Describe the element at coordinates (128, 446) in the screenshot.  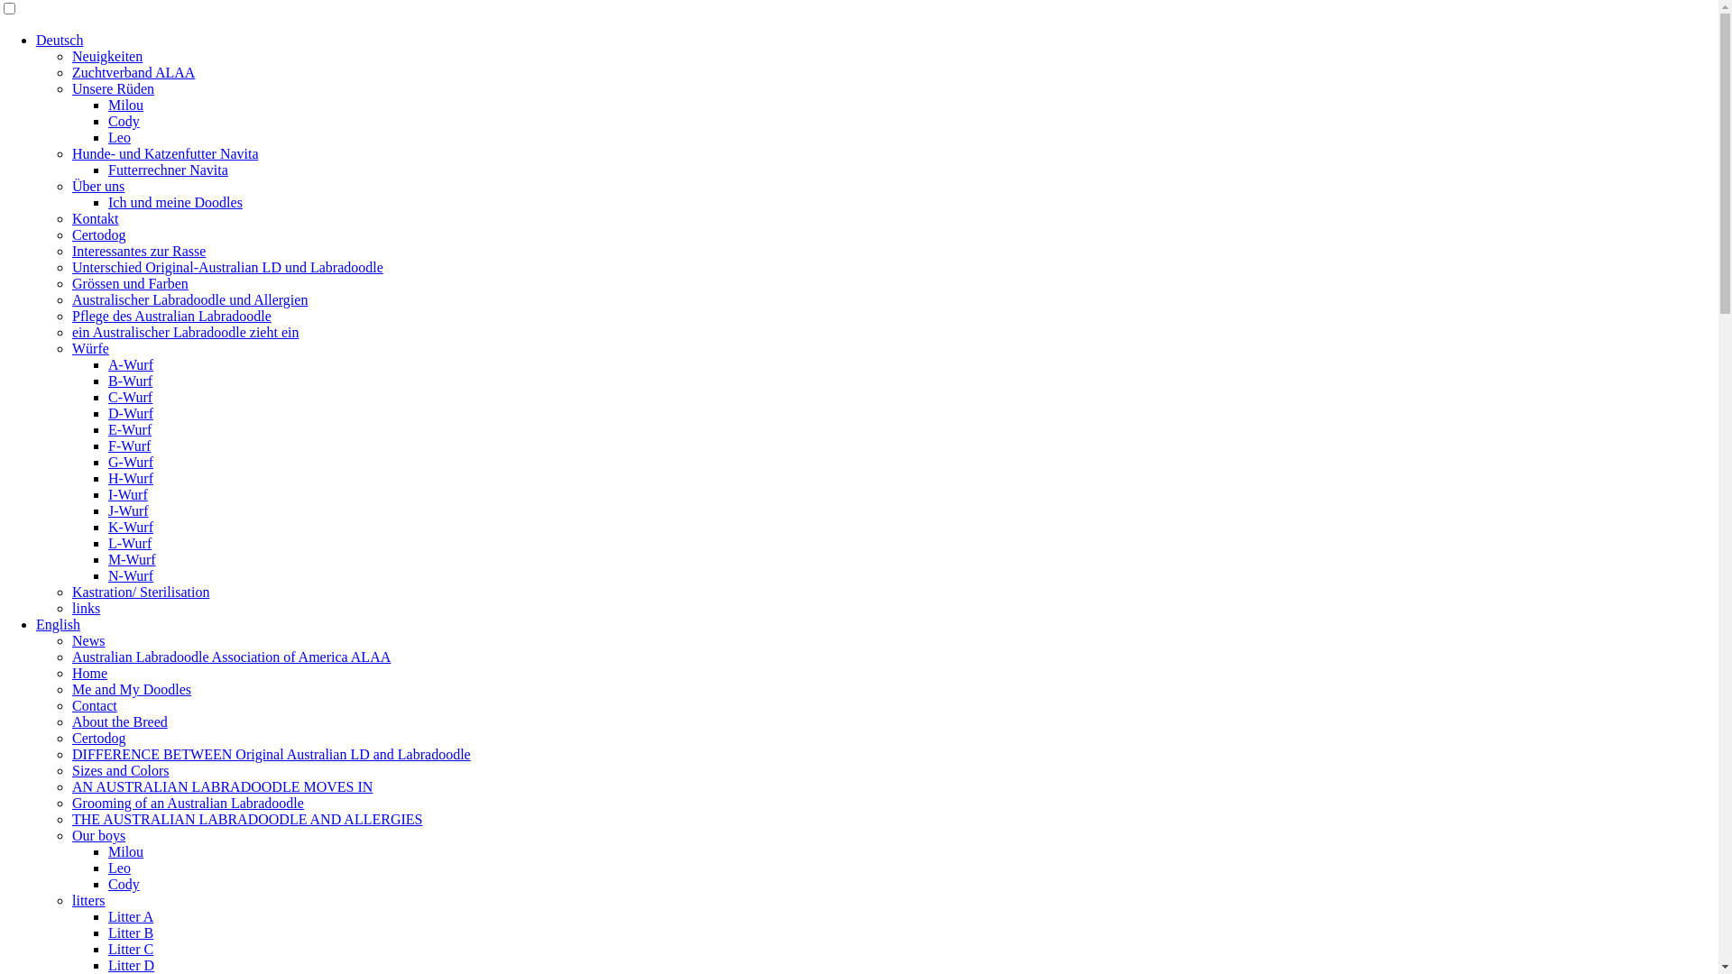
I see `'F-Wurf'` at that location.